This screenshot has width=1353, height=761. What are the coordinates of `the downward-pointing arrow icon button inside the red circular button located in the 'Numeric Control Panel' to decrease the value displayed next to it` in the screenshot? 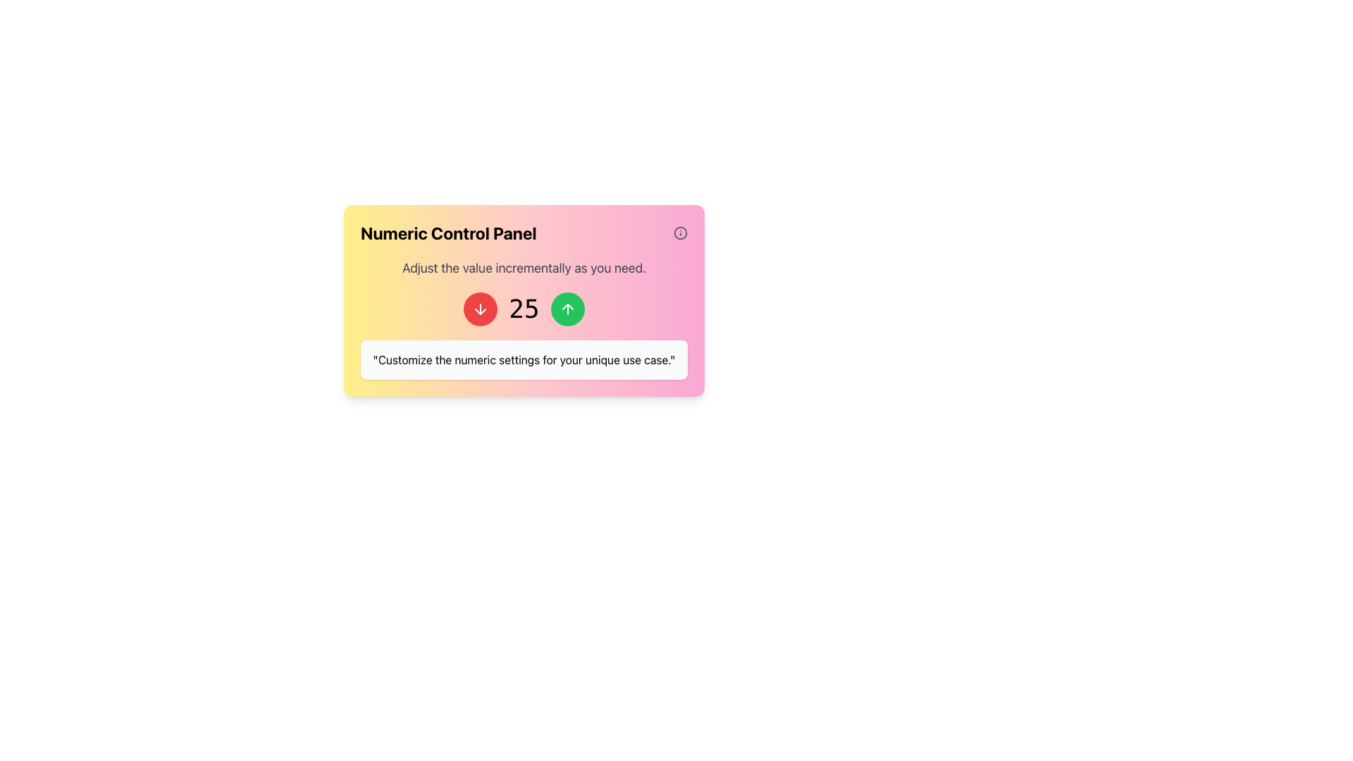 It's located at (481, 309).